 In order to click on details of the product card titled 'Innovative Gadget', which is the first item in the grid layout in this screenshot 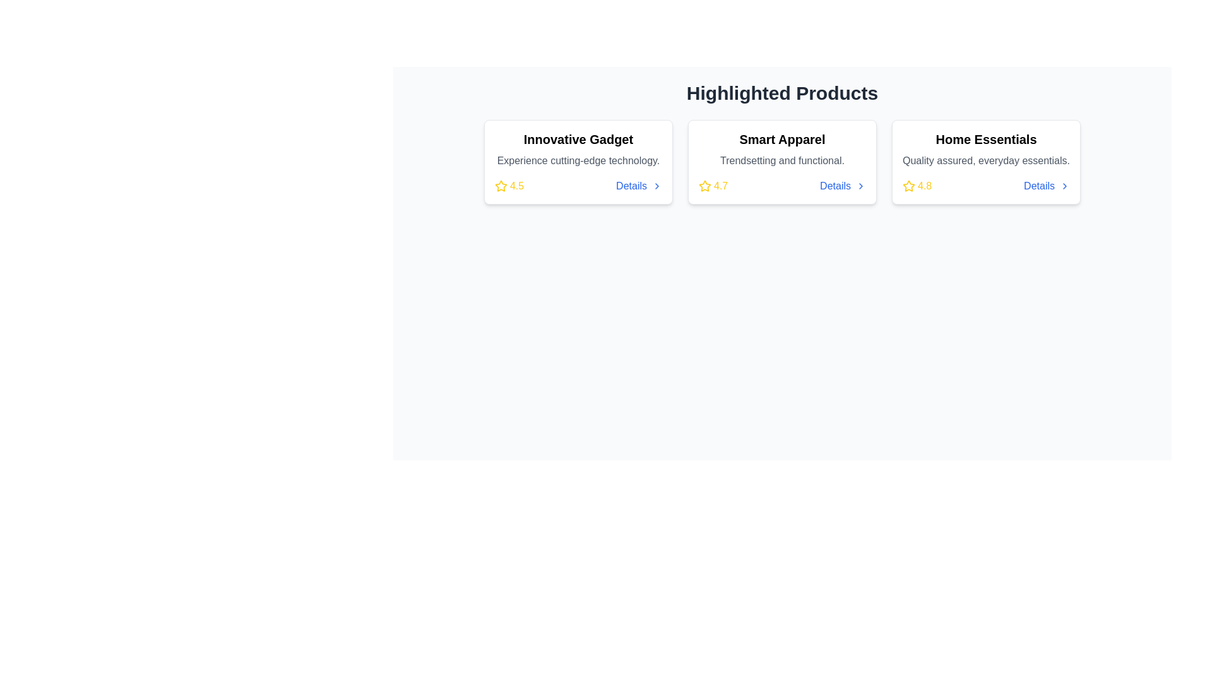, I will do `click(578, 162)`.